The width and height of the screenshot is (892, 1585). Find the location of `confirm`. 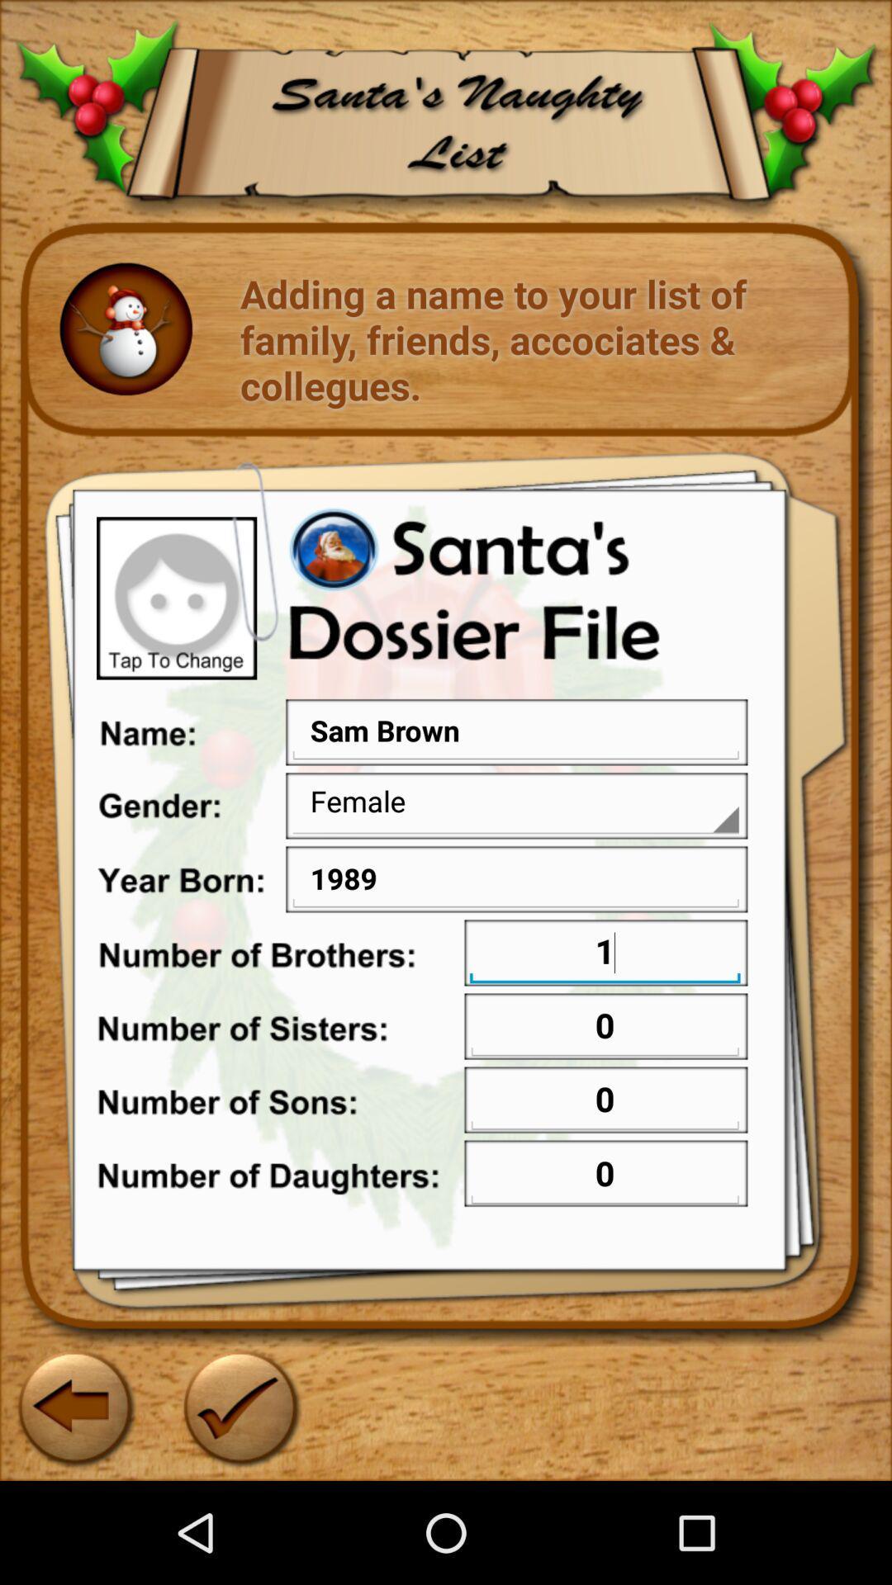

confirm is located at coordinates (239, 1405).